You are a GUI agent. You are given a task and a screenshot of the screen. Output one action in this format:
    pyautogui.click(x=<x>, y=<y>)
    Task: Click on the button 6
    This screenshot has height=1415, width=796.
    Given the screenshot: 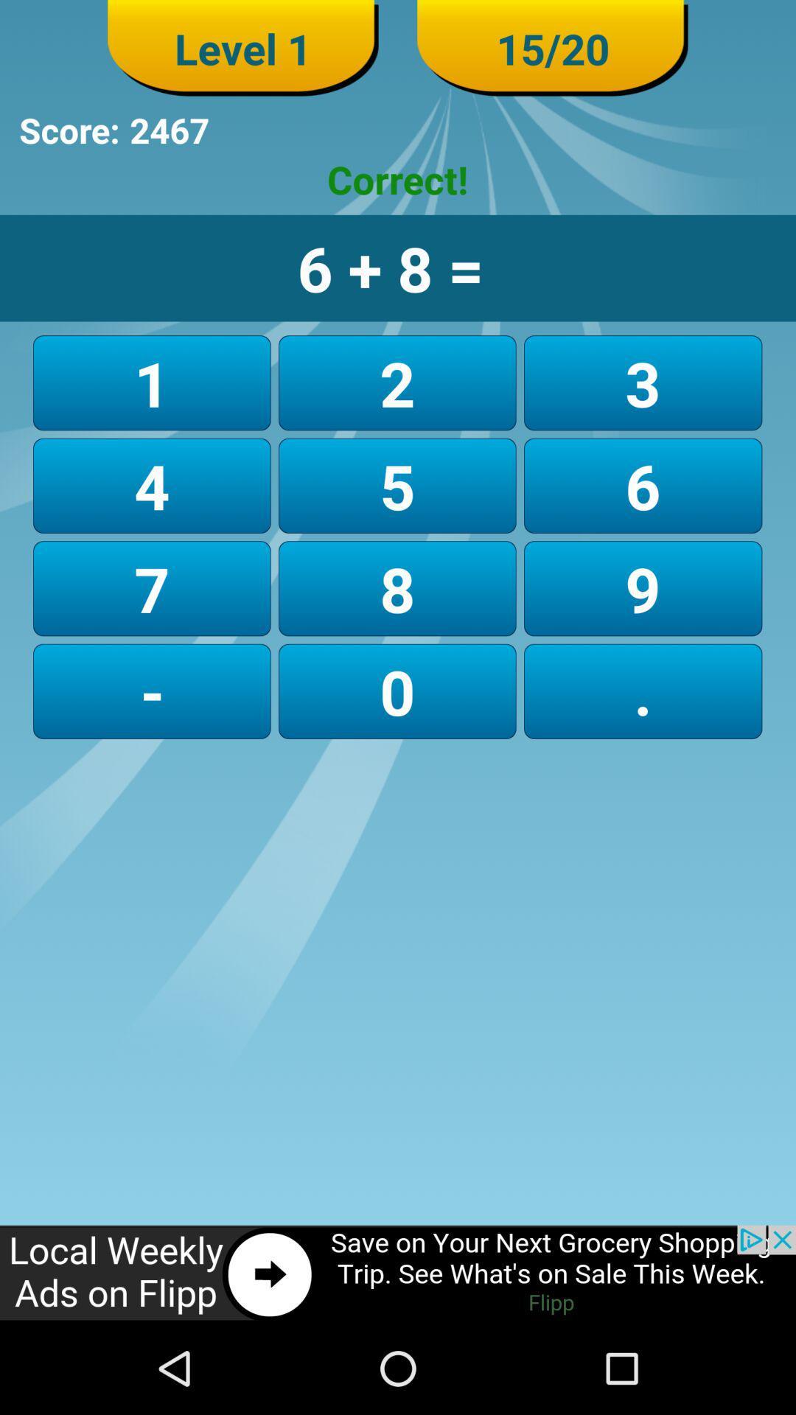 What is the action you would take?
    pyautogui.click(x=642, y=486)
    